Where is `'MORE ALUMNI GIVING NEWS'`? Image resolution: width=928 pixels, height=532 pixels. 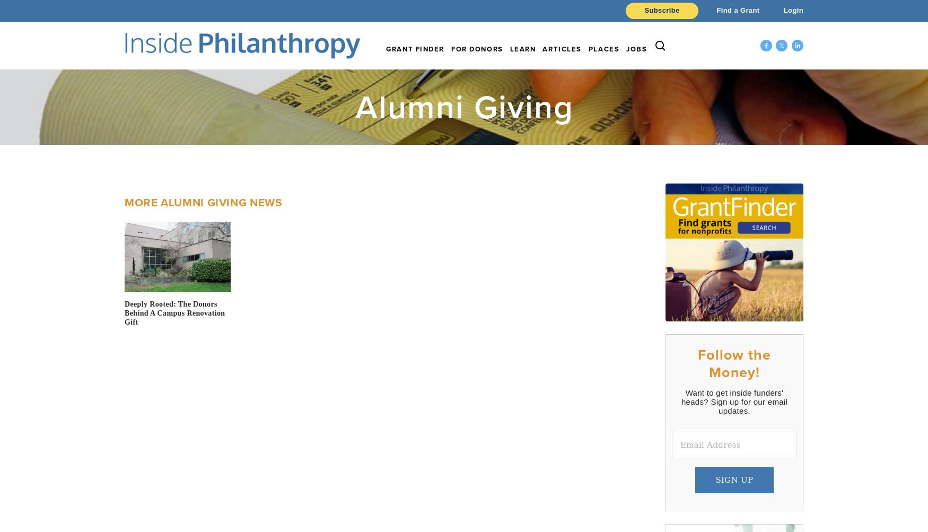
'MORE ALUMNI GIVING NEWS' is located at coordinates (125, 201).